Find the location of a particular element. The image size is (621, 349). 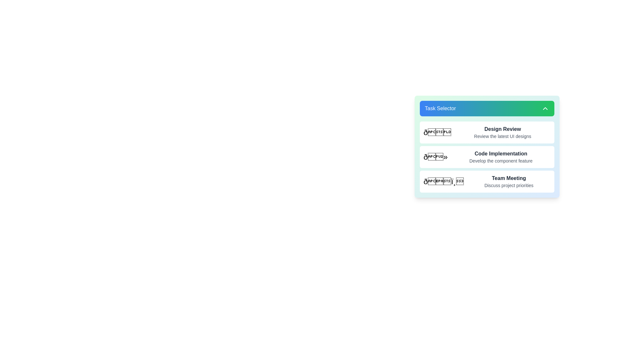

the emoji-like icon located to the left of the 'Code Implementation' text for interaction or tooltip display is located at coordinates (435, 157).